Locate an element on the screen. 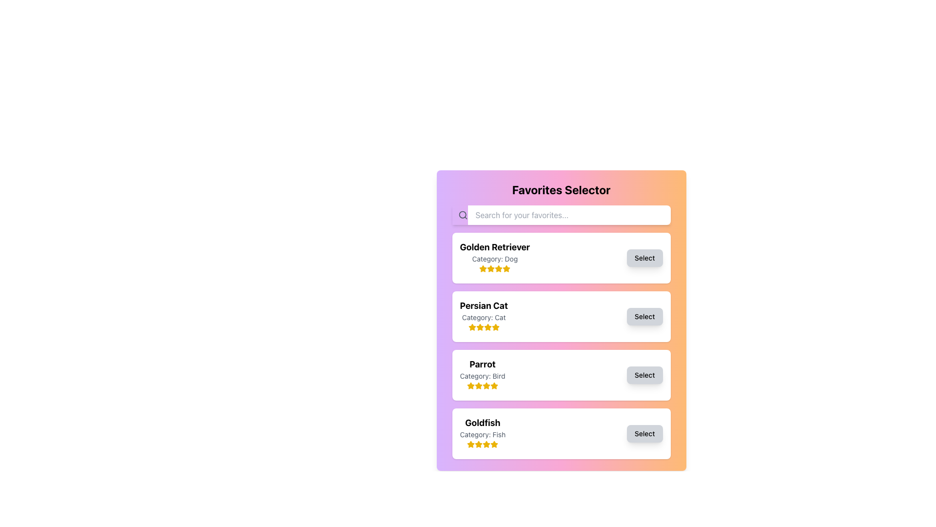 Image resolution: width=936 pixels, height=527 pixels. the search icon located to the left of the input field with the placeholder text 'Search for your favorites...' is located at coordinates (462, 214).